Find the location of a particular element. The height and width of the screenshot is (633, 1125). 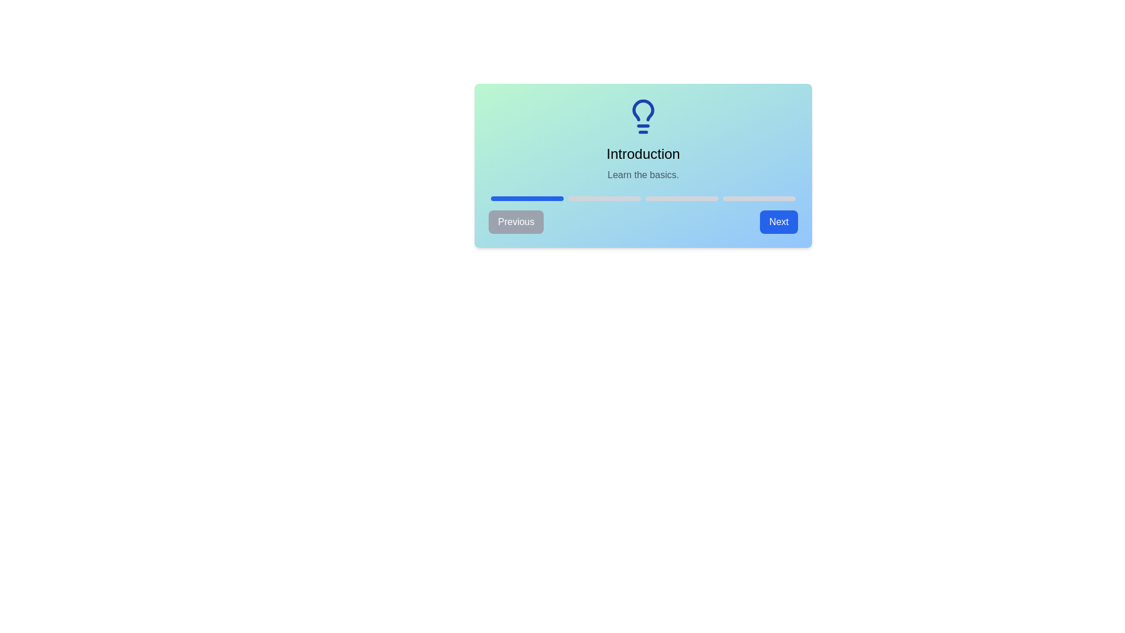

the 'Previous' button to navigate to the previous step is located at coordinates (516, 222).